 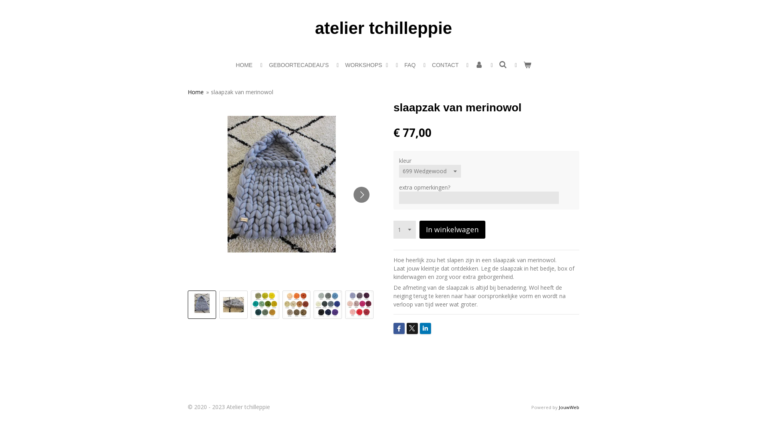 What do you see at coordinates (452, 229) in the screenshot?
I see `'In winkelwagen'` at bounding box center [452, 229].